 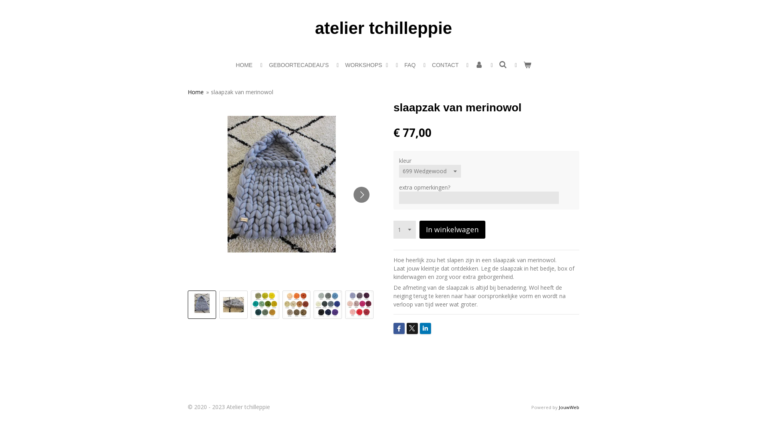 What do you see at coordinates (452, 229) in the screenshot?
I see `'In winkelwagen'` at bounding box center [452, 229].